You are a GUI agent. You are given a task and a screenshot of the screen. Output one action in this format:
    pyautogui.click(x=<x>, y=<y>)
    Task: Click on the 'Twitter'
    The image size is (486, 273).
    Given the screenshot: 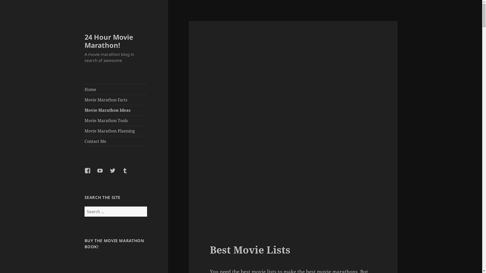 What is the action you would take?
    pyautogui.click(x=109, y=173)
    